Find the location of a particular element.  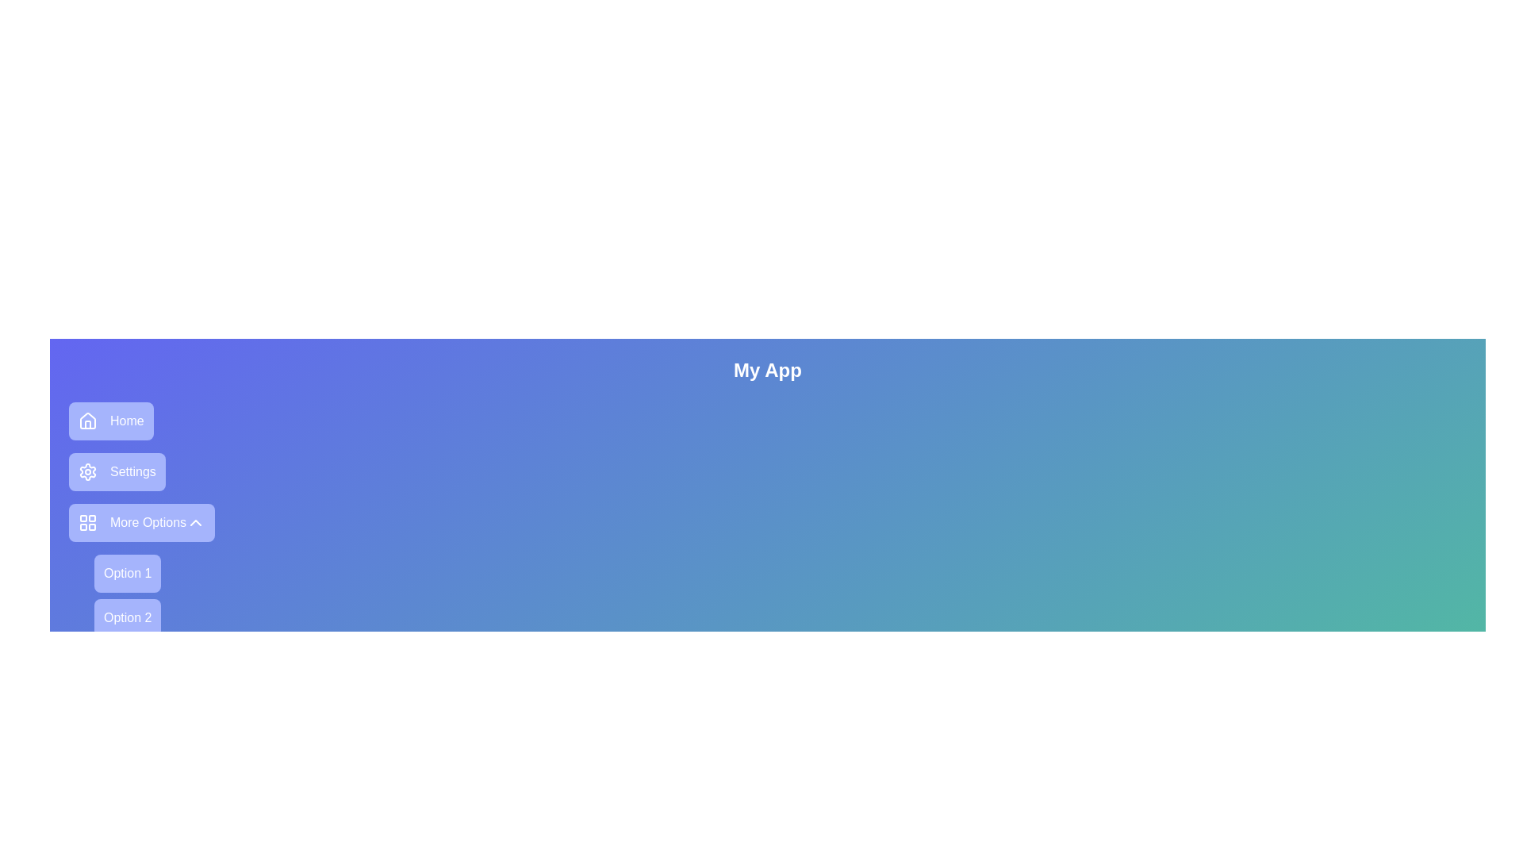

the house-shaped icon located to the left of the 'Home' button is located at coordinates (86, 421).